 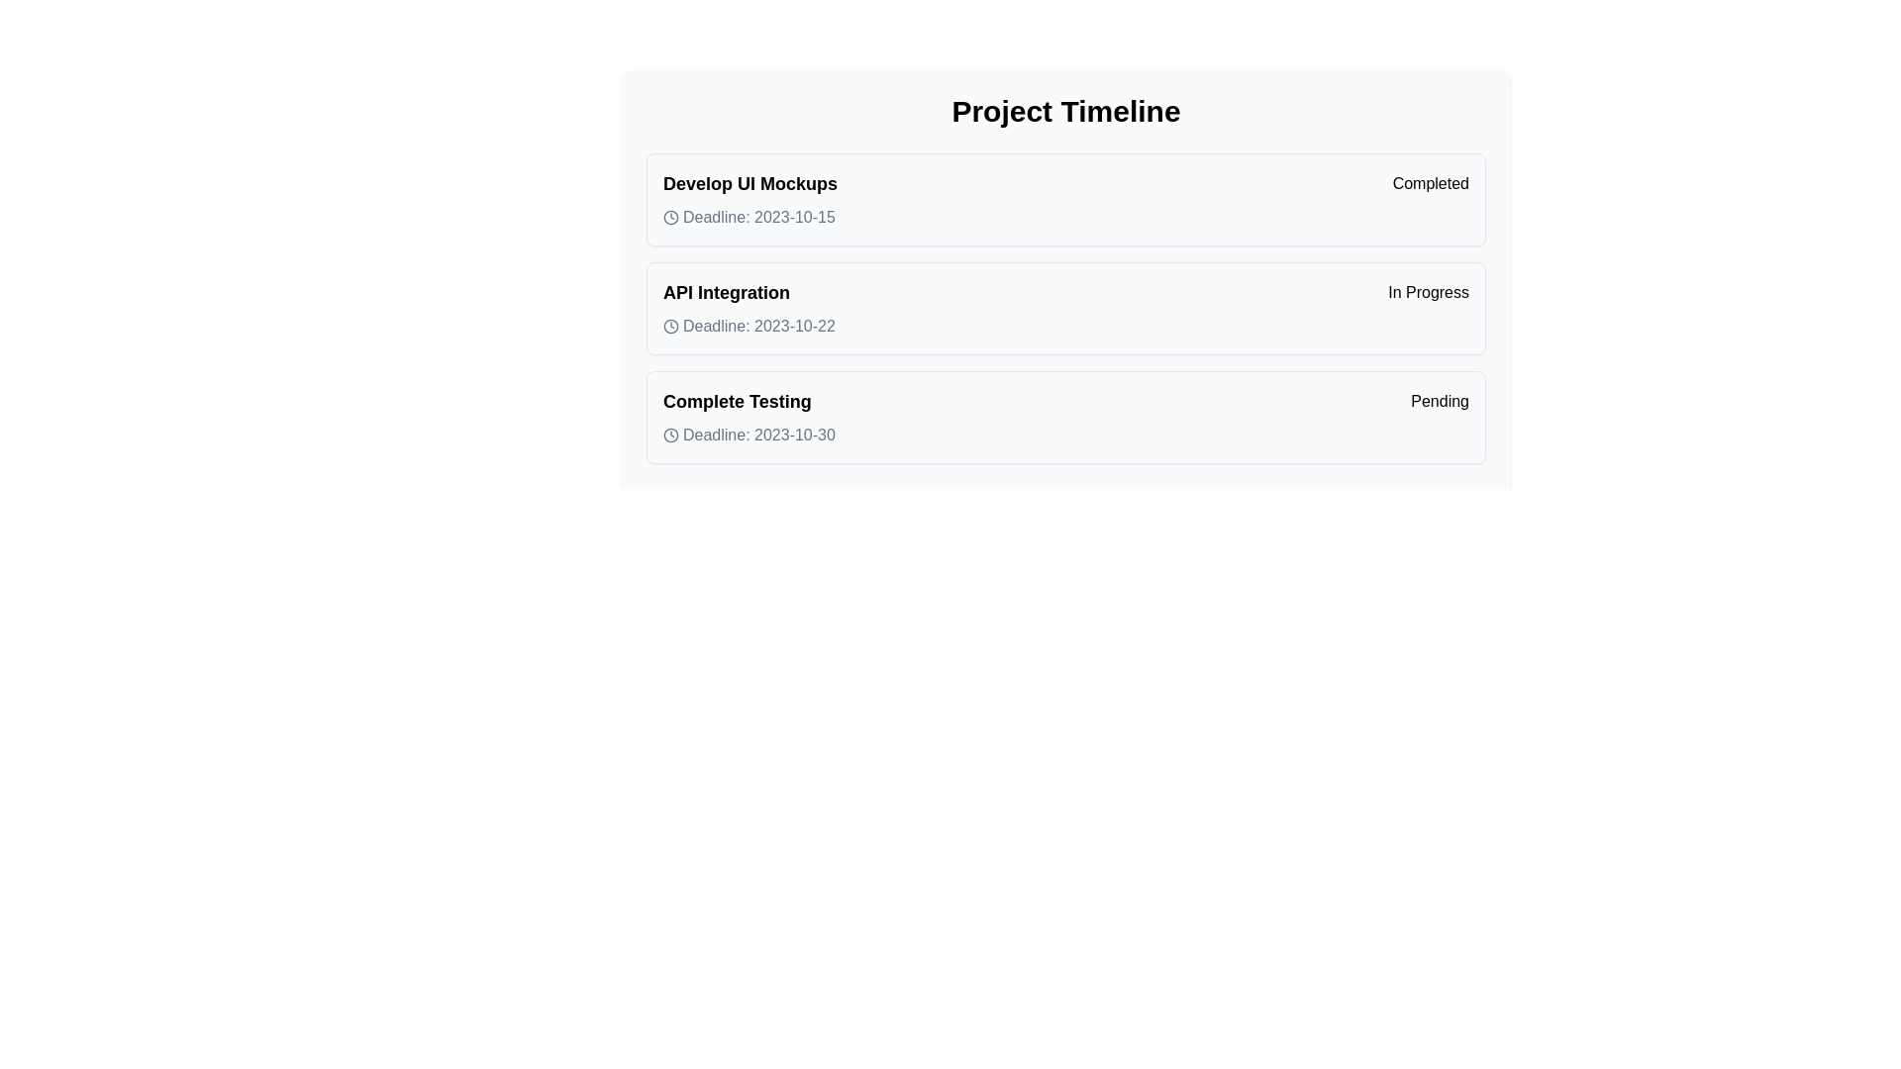 What do you see at coordinates (1064, 267) in the screenshot?
I see `the second item in the vertical list of project tasks, which displays information about a task including the task title, deadline, and current status` at bounding box center [1064, 267].